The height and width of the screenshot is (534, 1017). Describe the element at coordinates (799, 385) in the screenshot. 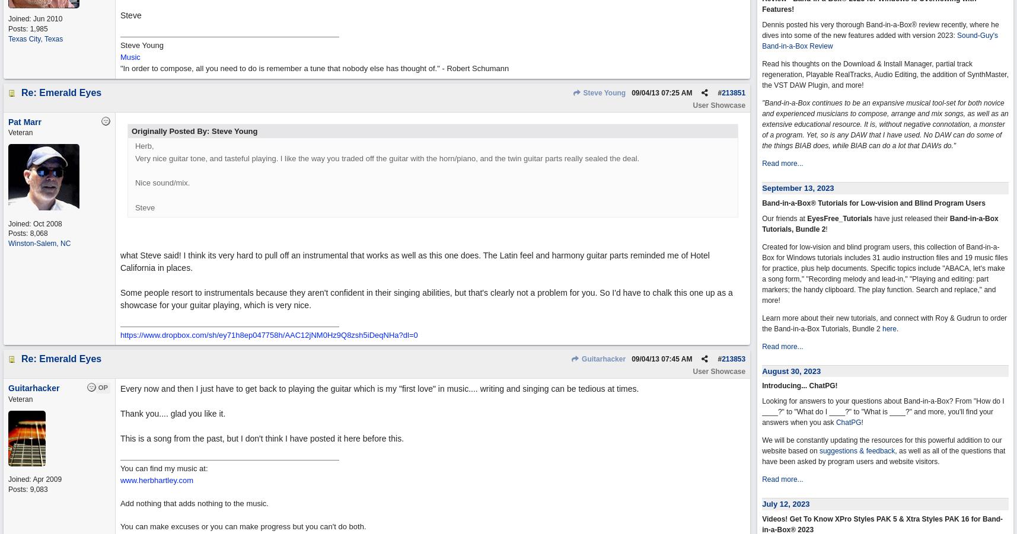

I see `'Introducing... ChatPG!'` at that location.